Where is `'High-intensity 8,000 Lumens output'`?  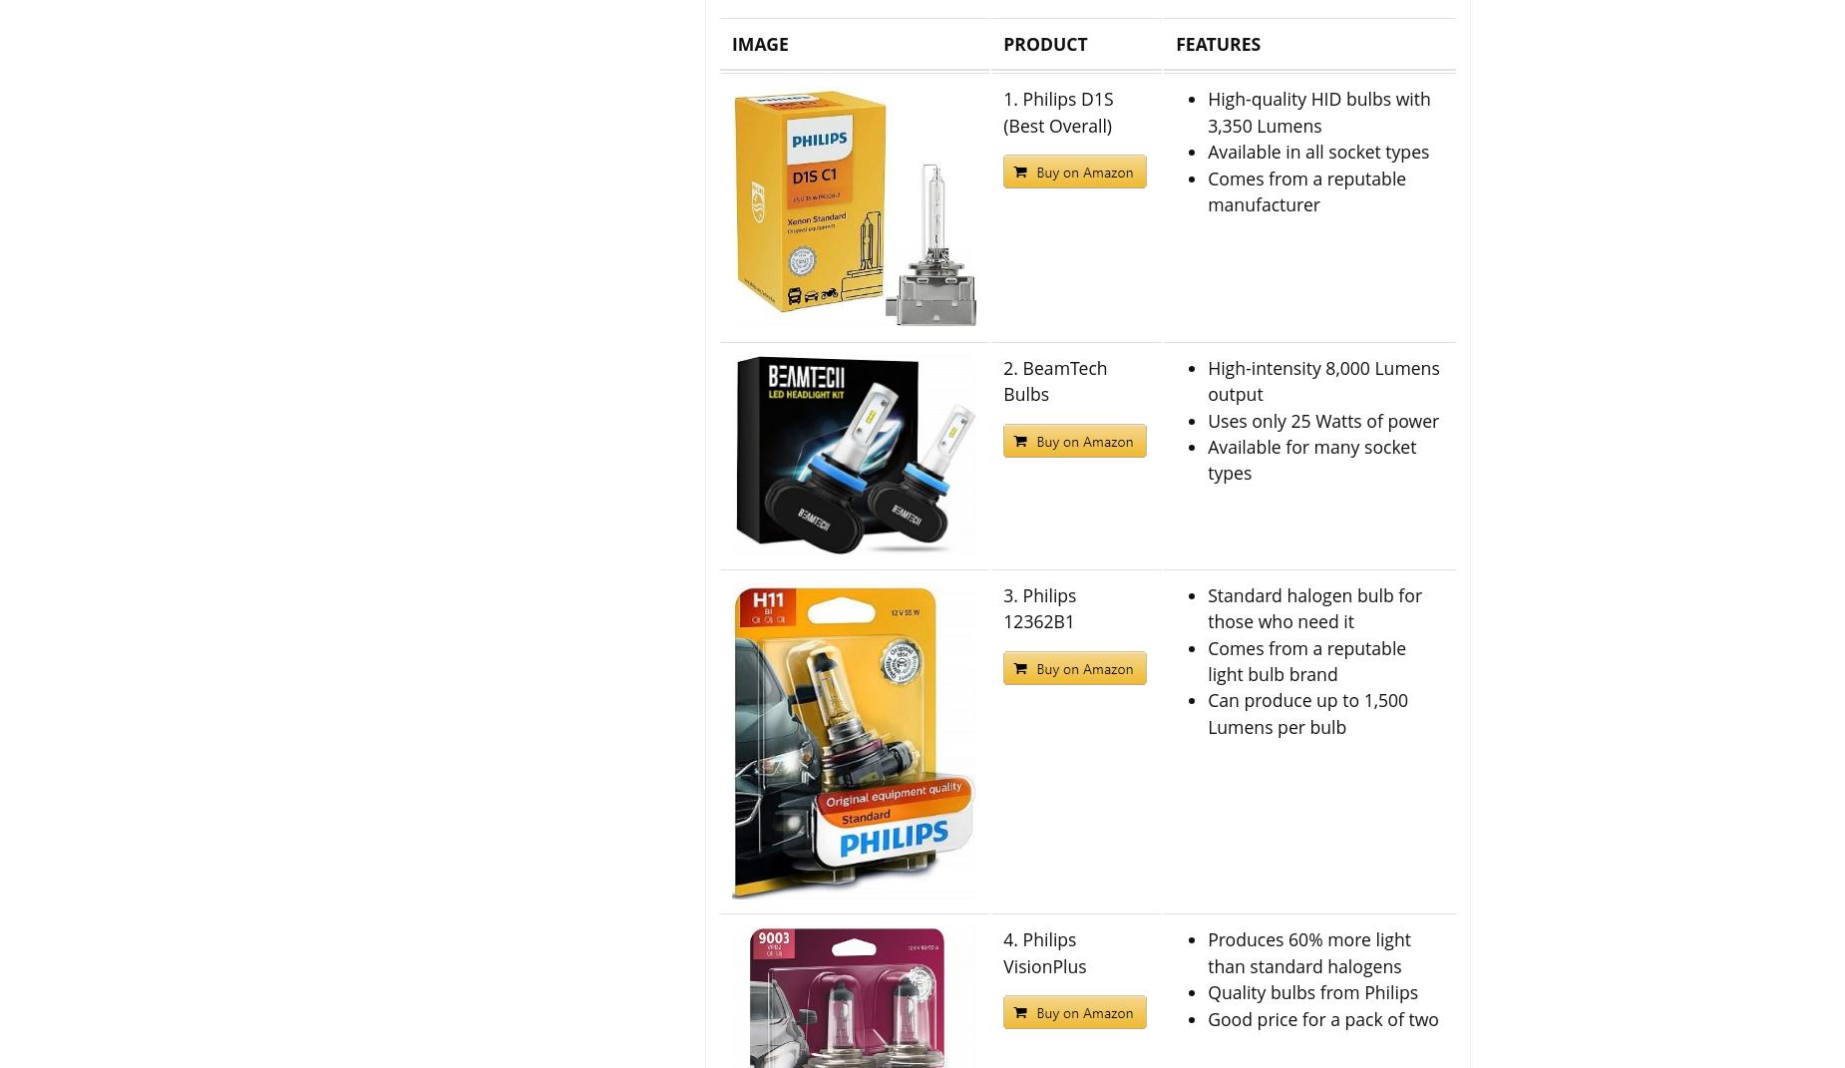
'High-intensity 8,000 Lumens output' is located at coordinates (1207, 379).